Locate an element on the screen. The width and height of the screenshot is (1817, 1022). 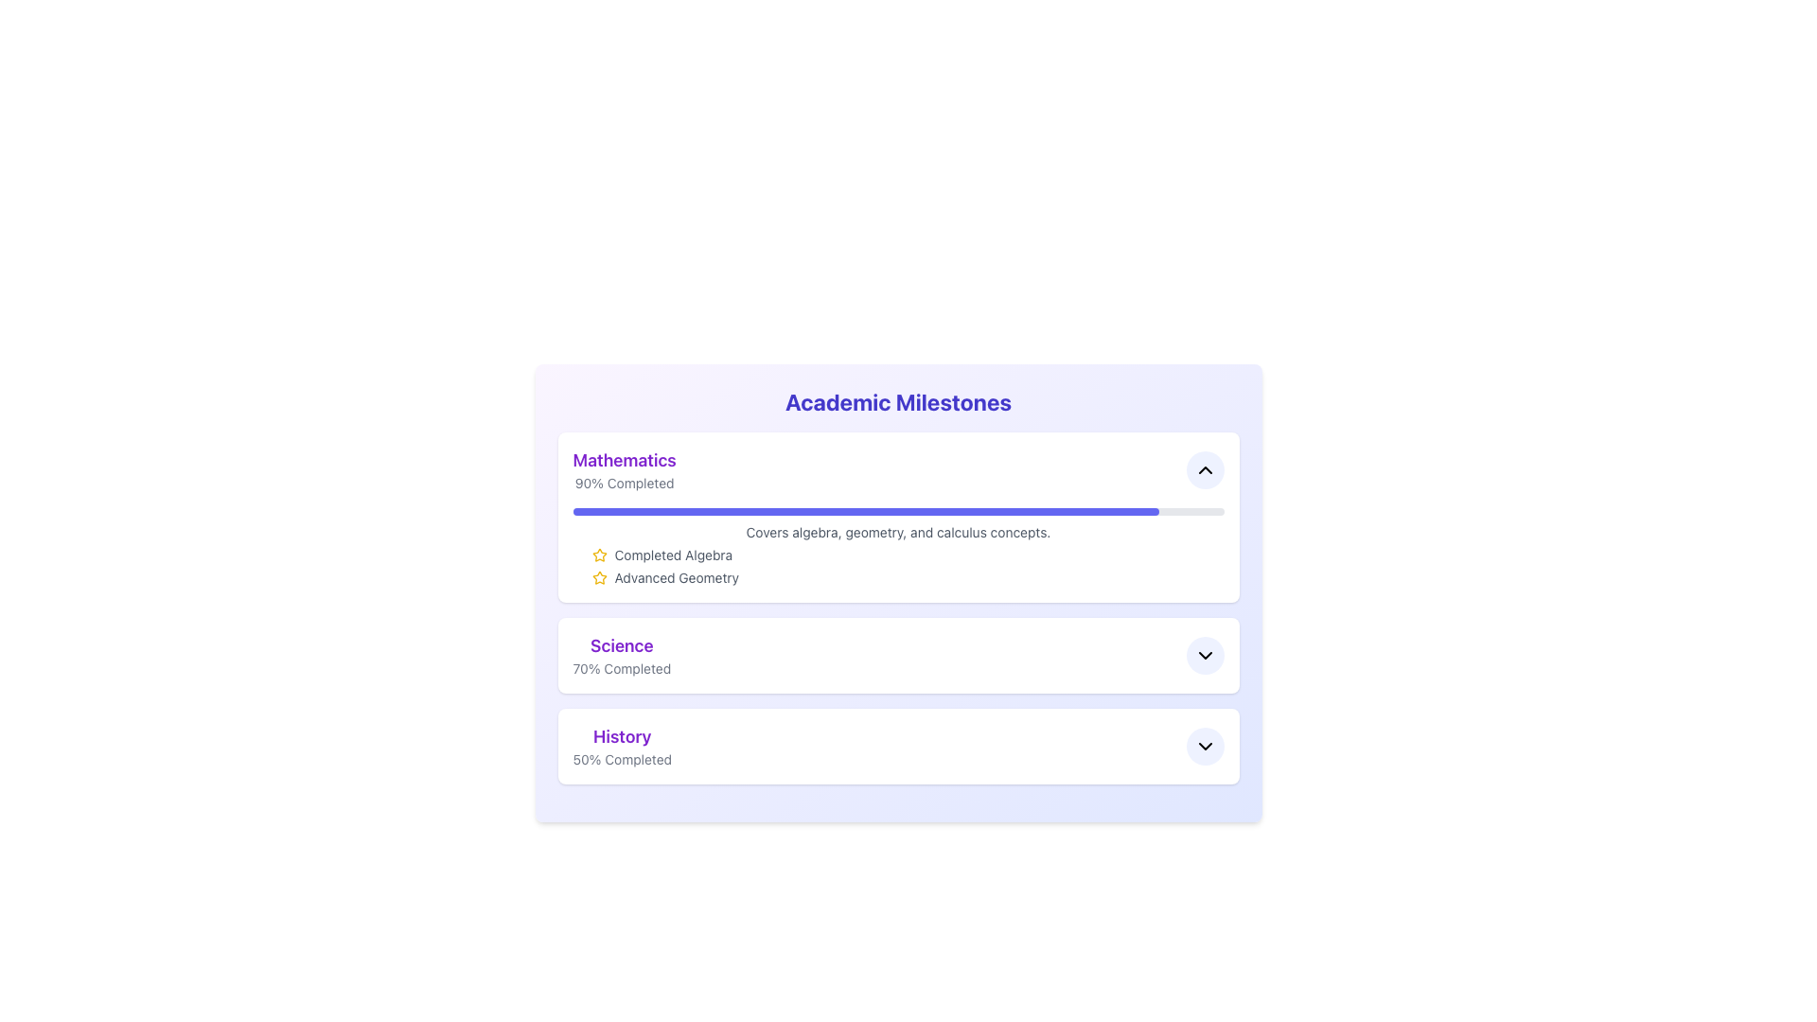
the achievements listed in the informational display with progress indicator and textual information under the 'Mathematics' category, located in the middle-right portion of the first section is located at coordinates (897, 547).